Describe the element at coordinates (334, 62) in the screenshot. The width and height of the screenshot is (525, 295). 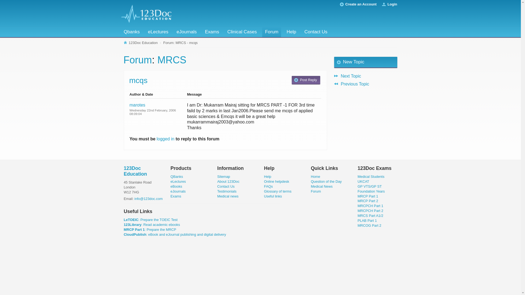
I see `'New Topic'` at that location.